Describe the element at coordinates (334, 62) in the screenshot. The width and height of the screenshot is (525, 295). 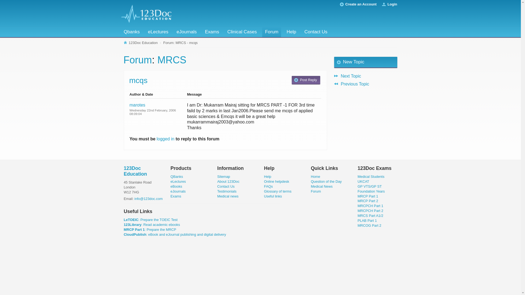
I see `'New Topic'` at that location.